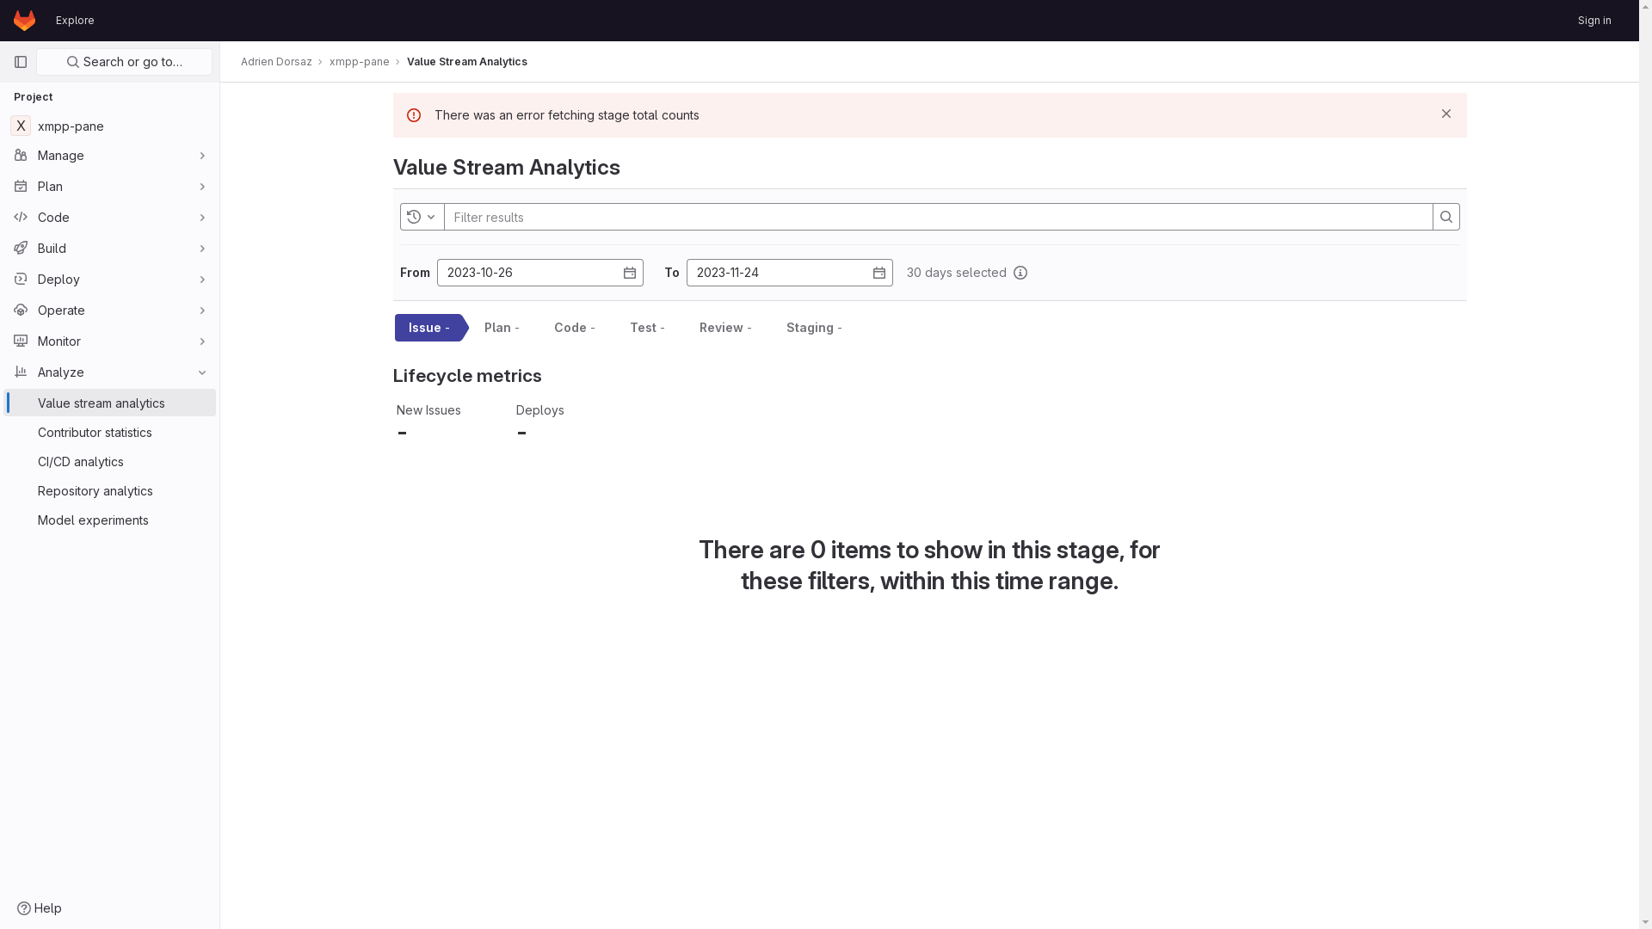 The height and width of the screenshot is (929, 1652). I want to click on 'Value Stream Analytics', so click(406, 61).